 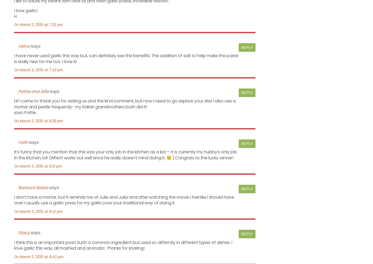 I want to click on 'I love garlic!', so click(x=26, y=10).